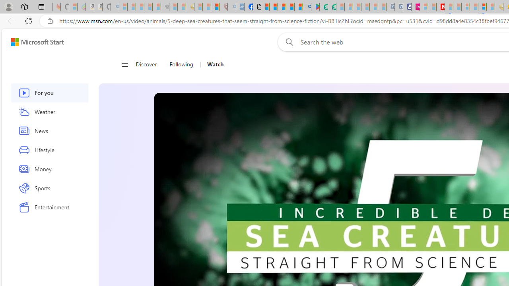 This screenshot has width=509, height=286. I want to click on 'Local - MSN', so click(215, 7).